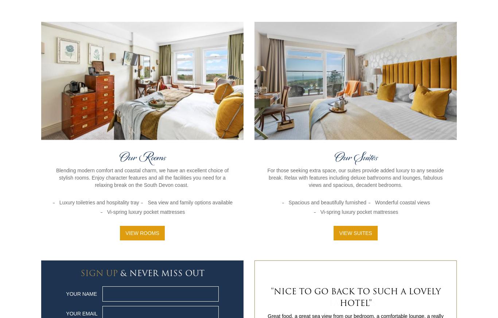  What do you see at coordinates (355, 233) in the screenshot?
I see `'View Suites'` at bounding box center [355, 233].